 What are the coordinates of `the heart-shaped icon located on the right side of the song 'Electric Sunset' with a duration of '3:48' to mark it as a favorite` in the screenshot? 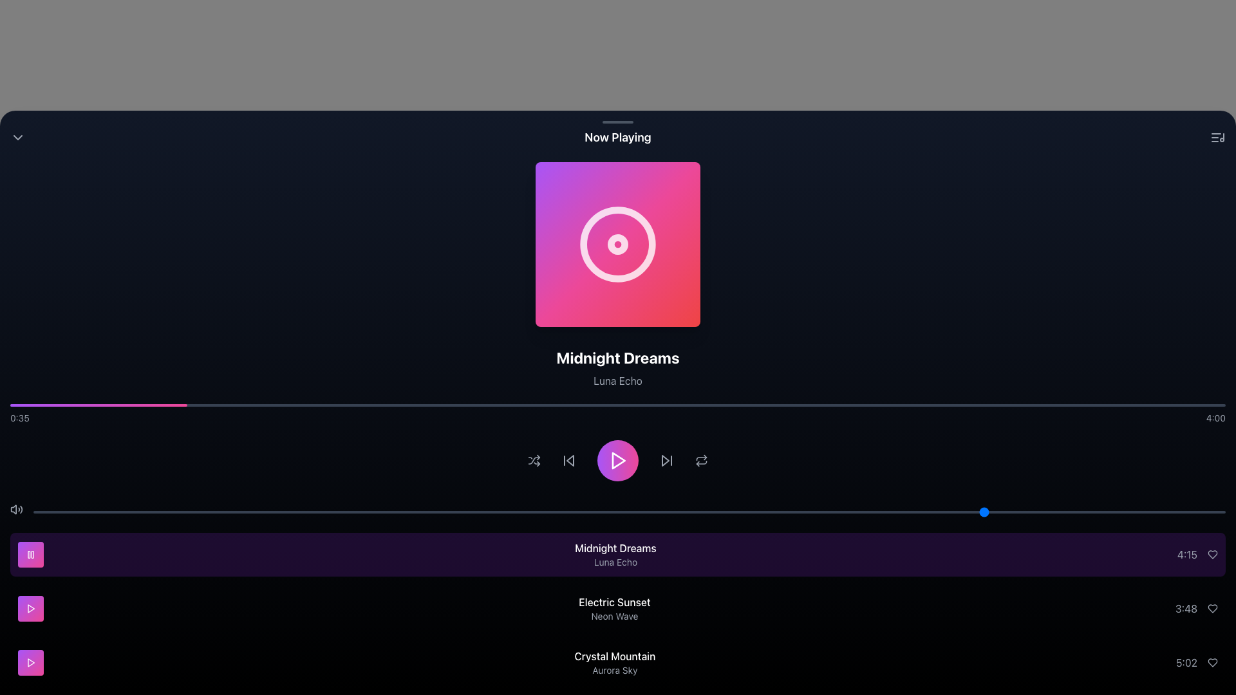 It's located at (1212, 608).